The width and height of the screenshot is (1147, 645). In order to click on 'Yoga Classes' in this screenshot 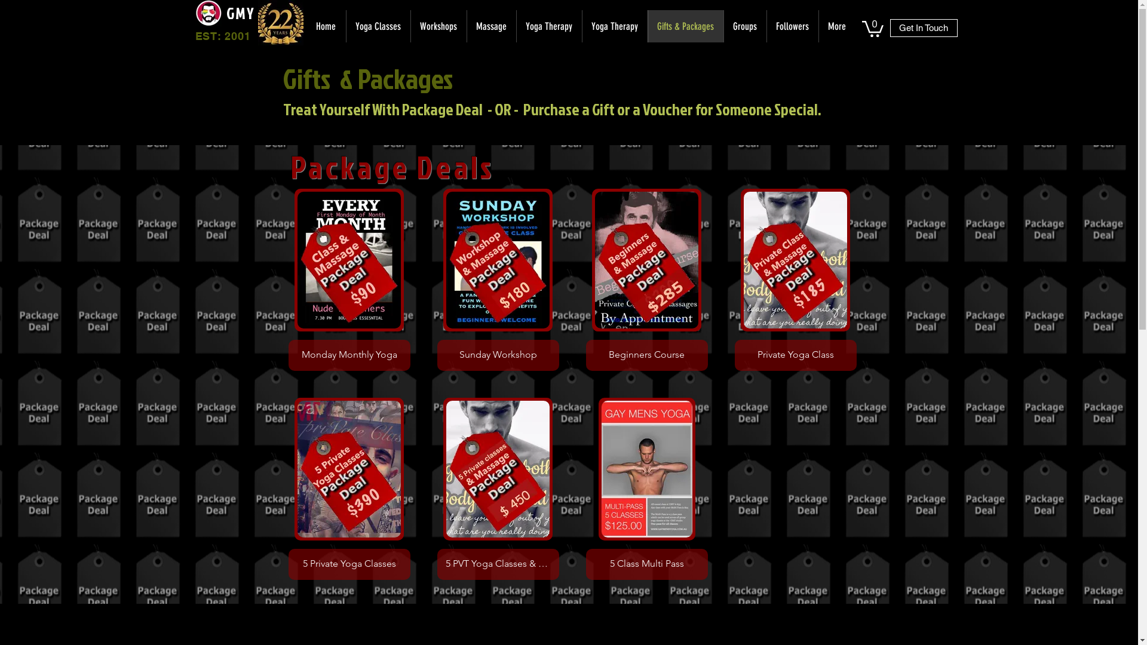, I will do `click(377, 26)`.